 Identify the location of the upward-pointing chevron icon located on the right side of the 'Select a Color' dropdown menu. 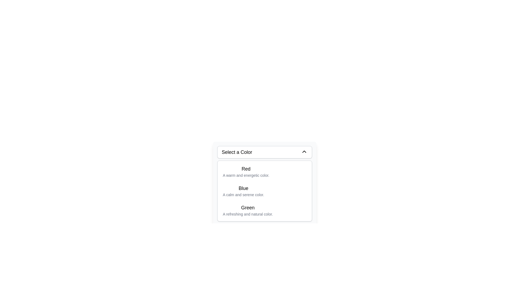
(304, 152).